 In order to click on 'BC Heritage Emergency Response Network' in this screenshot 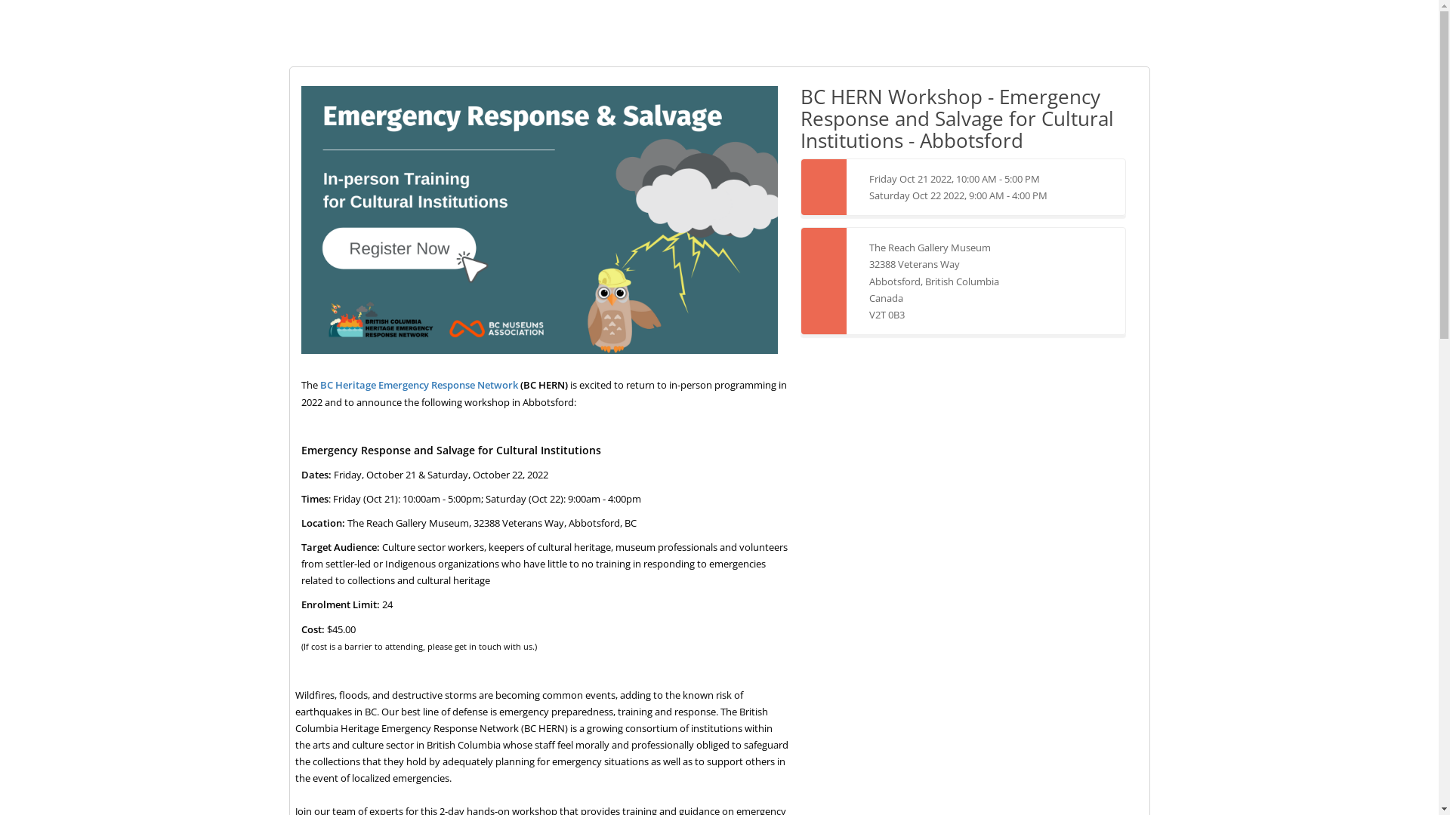, I will do `click(419, 383)`.